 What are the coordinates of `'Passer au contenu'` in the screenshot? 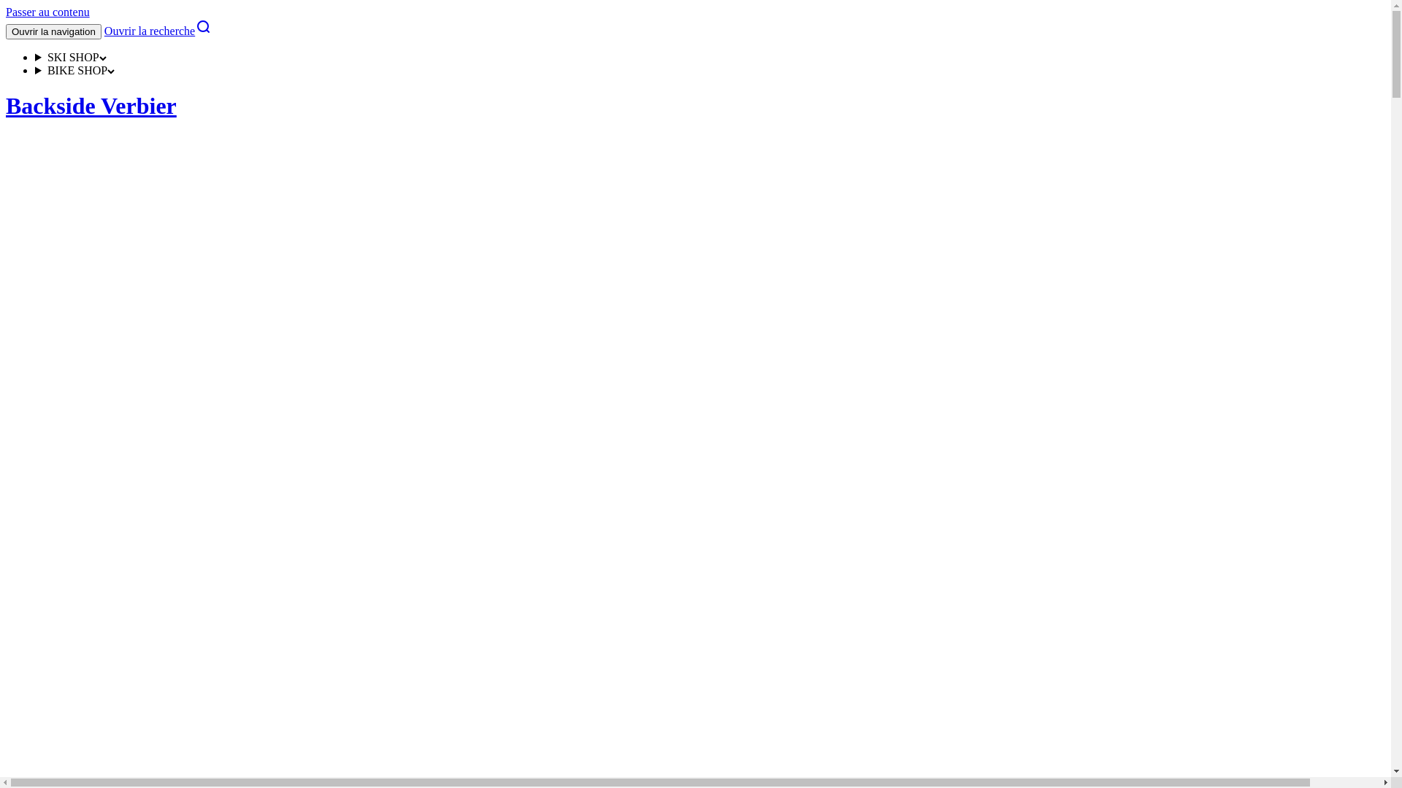 It's located at (47, 12).